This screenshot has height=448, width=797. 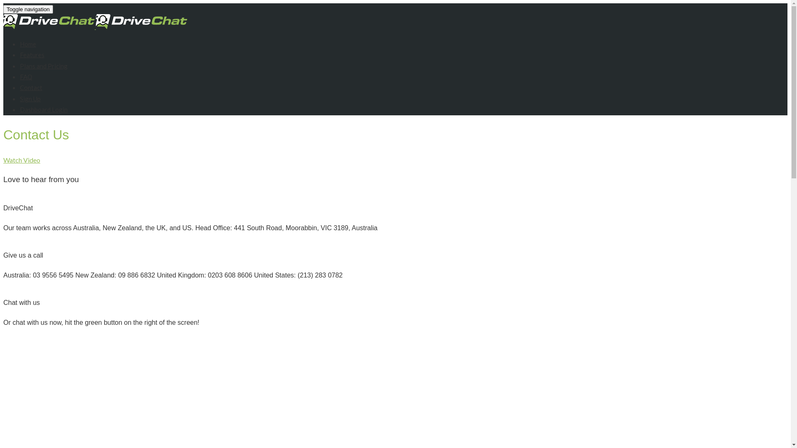 I want to click on 'Contact', so click(x=20, y=88).